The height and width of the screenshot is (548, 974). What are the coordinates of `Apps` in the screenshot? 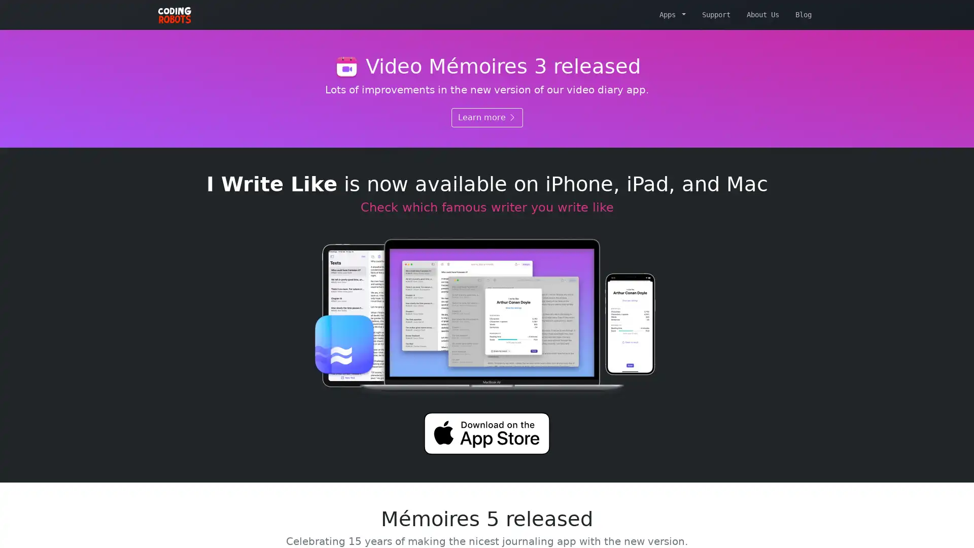 It's located at (672, 14).